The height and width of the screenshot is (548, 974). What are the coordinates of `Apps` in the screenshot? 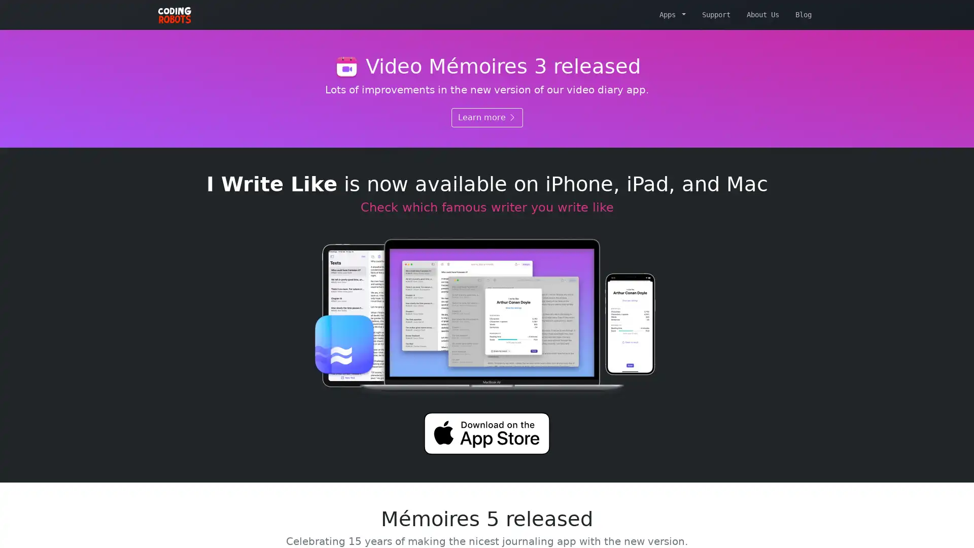 It's located at (672, 14).